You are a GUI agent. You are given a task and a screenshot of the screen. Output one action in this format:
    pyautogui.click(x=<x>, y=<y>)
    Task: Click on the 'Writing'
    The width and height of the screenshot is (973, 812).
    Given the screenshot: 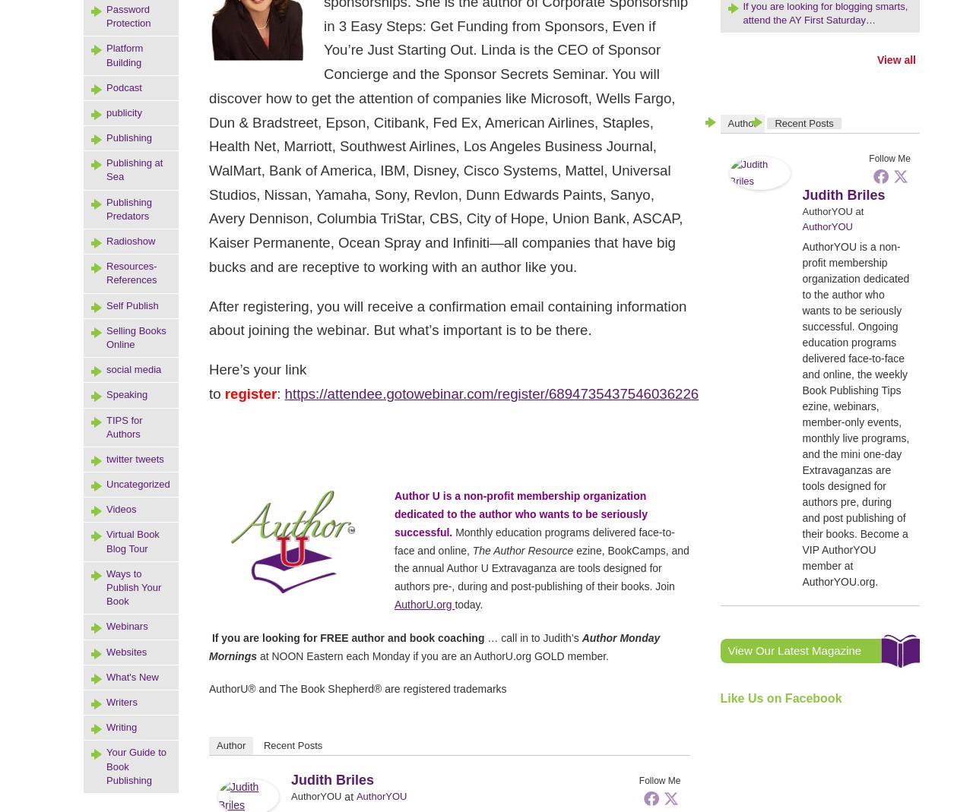 What is the action you would take?
    pyautogui.click(x=106, y=726)
    